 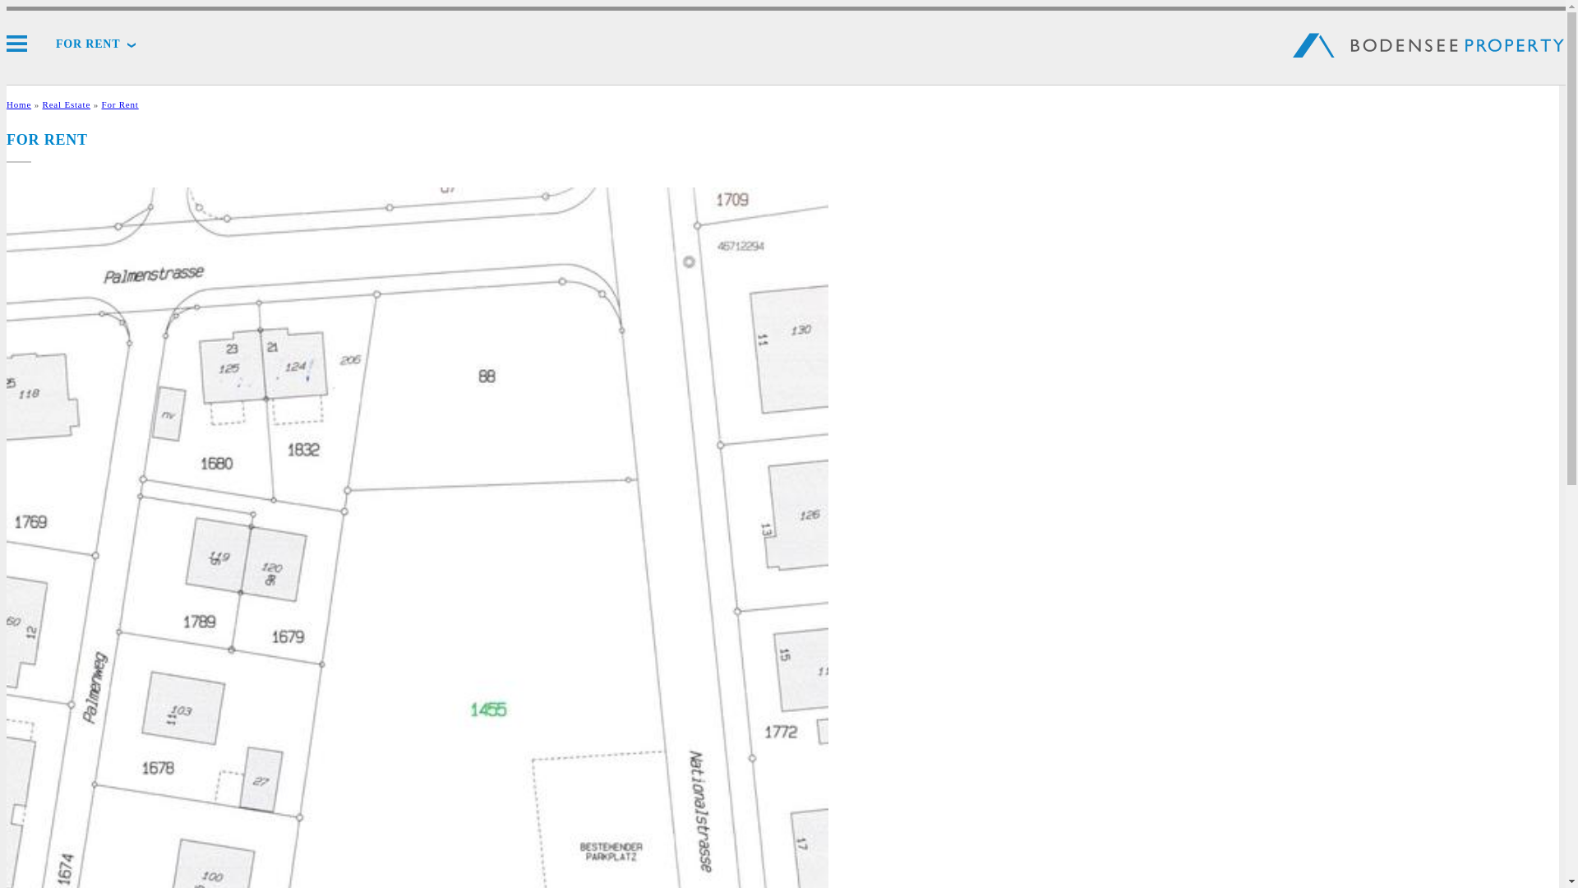 I want to click on 'Home', so click(x=19, y=104).